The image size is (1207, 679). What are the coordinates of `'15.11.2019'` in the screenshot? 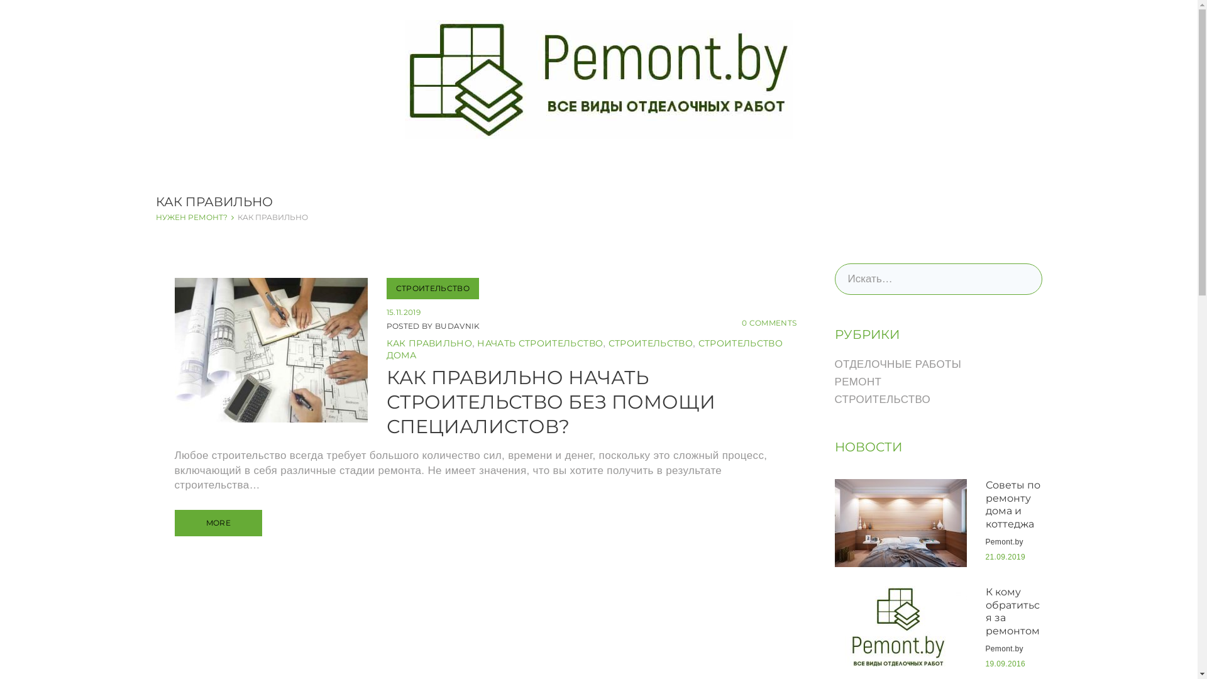 It's located at (403, 311).